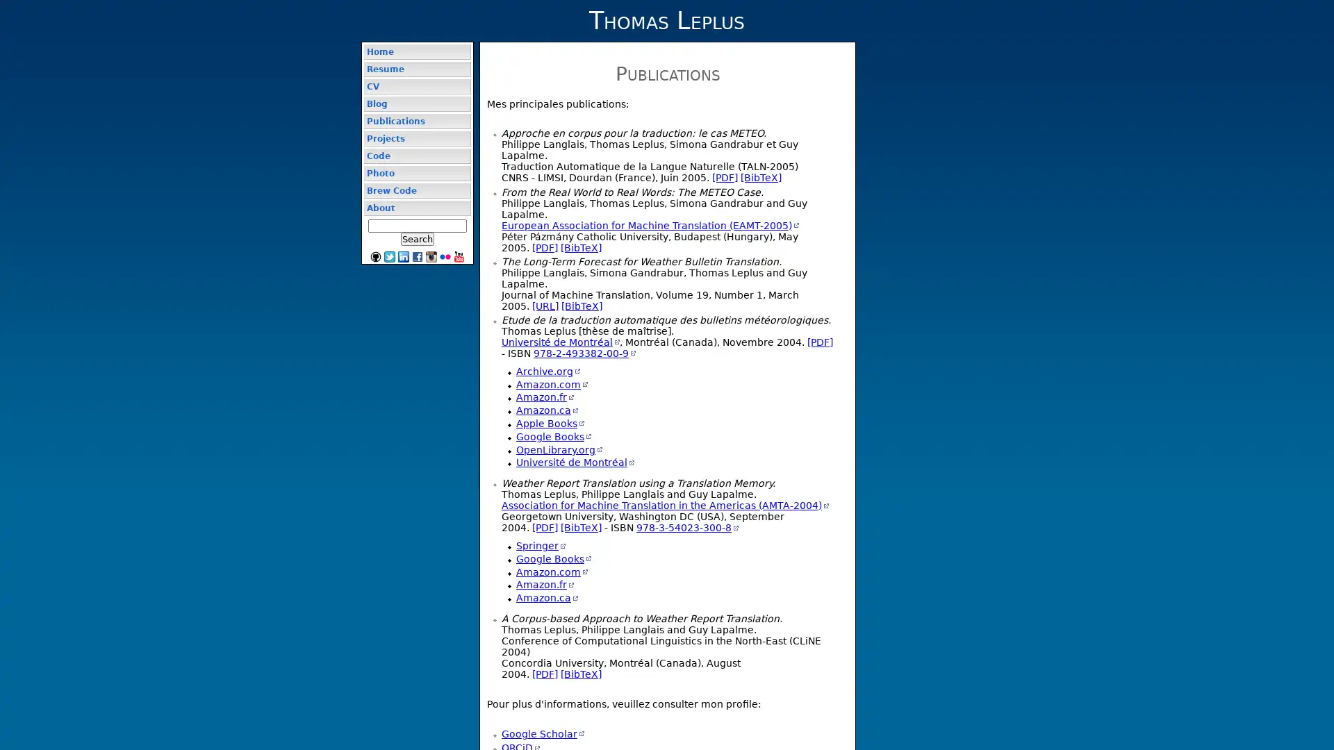  I want to click on Search, so click(416, 238).